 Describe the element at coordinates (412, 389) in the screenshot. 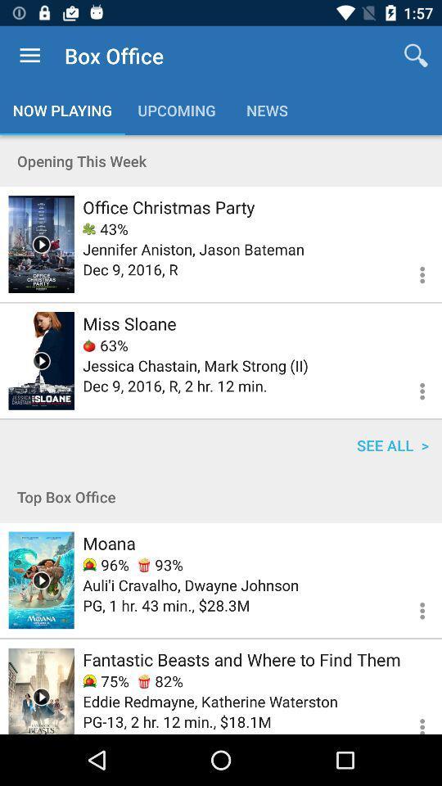

I see `show options` at that location.